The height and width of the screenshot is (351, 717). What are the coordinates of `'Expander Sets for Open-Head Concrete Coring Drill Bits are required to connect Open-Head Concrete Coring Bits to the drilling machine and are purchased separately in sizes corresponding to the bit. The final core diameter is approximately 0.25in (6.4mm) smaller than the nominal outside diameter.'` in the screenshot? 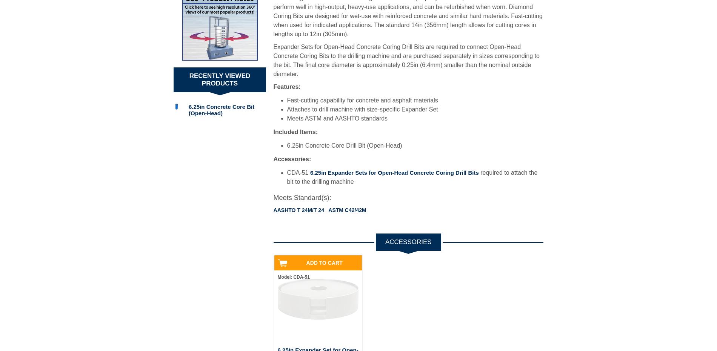 It's located at (406, 60).